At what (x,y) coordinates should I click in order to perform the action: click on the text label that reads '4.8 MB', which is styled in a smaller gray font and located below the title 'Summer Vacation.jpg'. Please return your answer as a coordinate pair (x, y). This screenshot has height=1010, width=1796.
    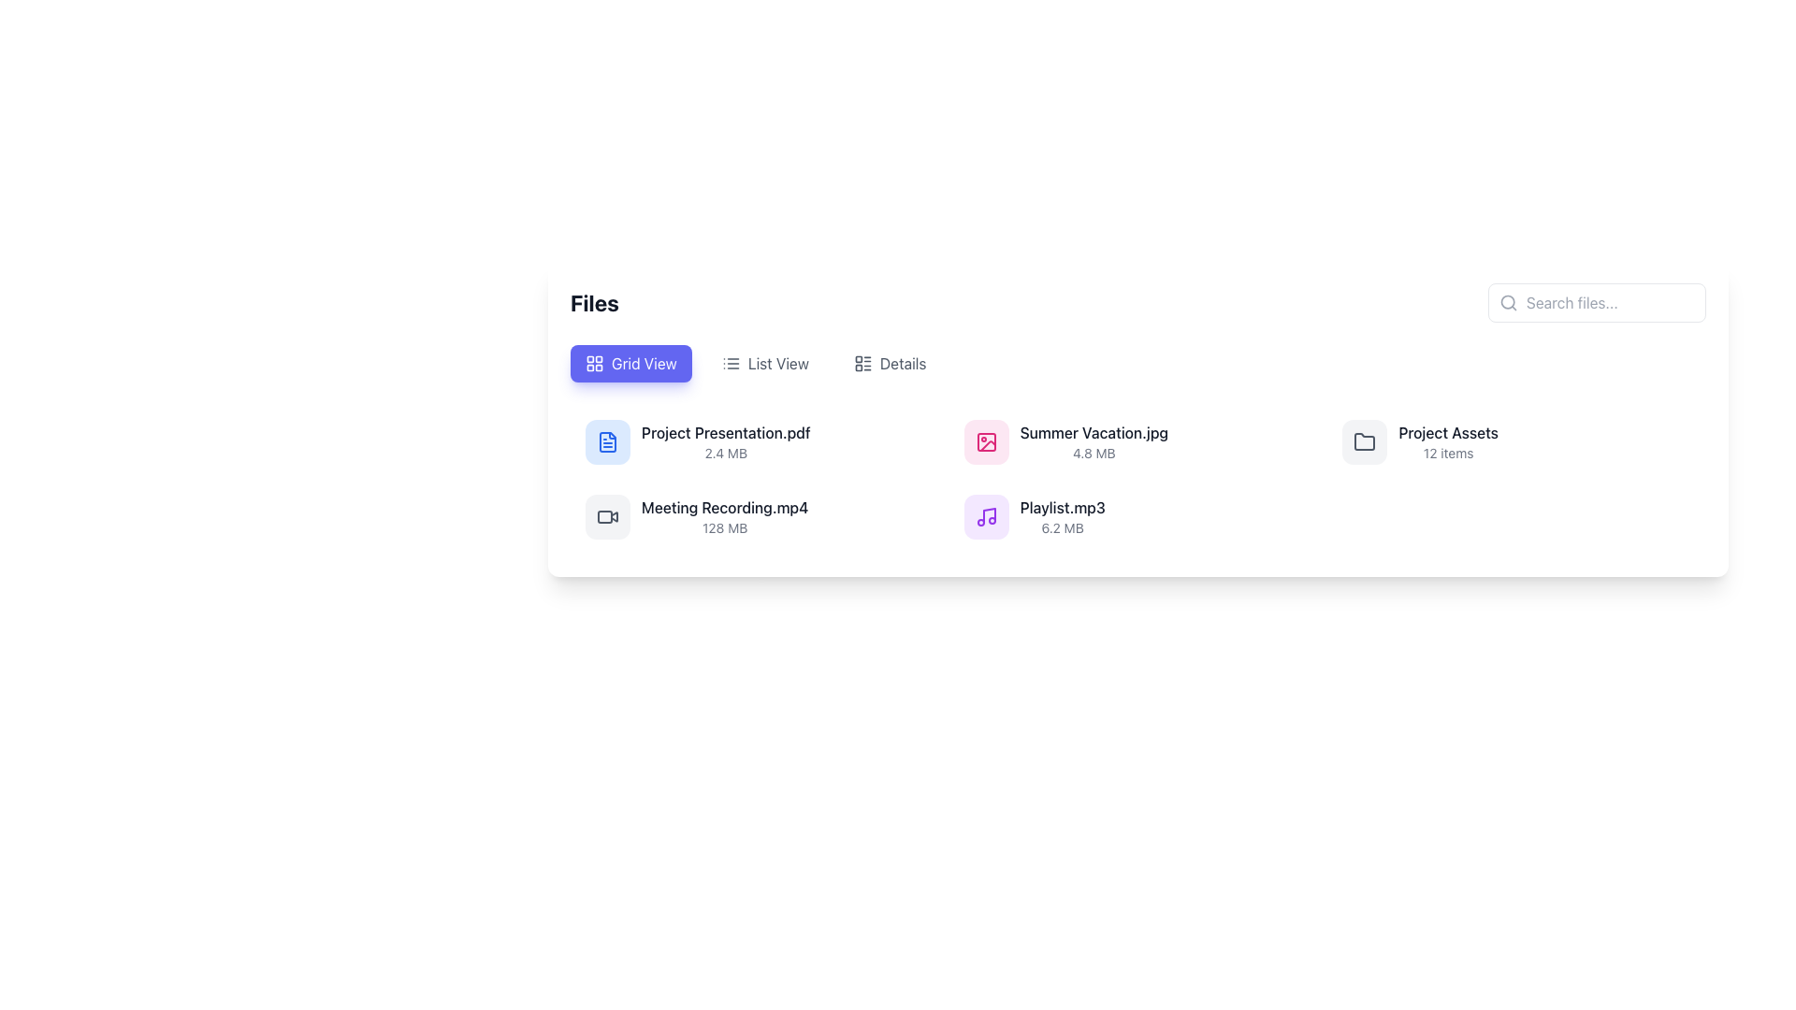
    Looking at the image, I should click on (1094, 454).